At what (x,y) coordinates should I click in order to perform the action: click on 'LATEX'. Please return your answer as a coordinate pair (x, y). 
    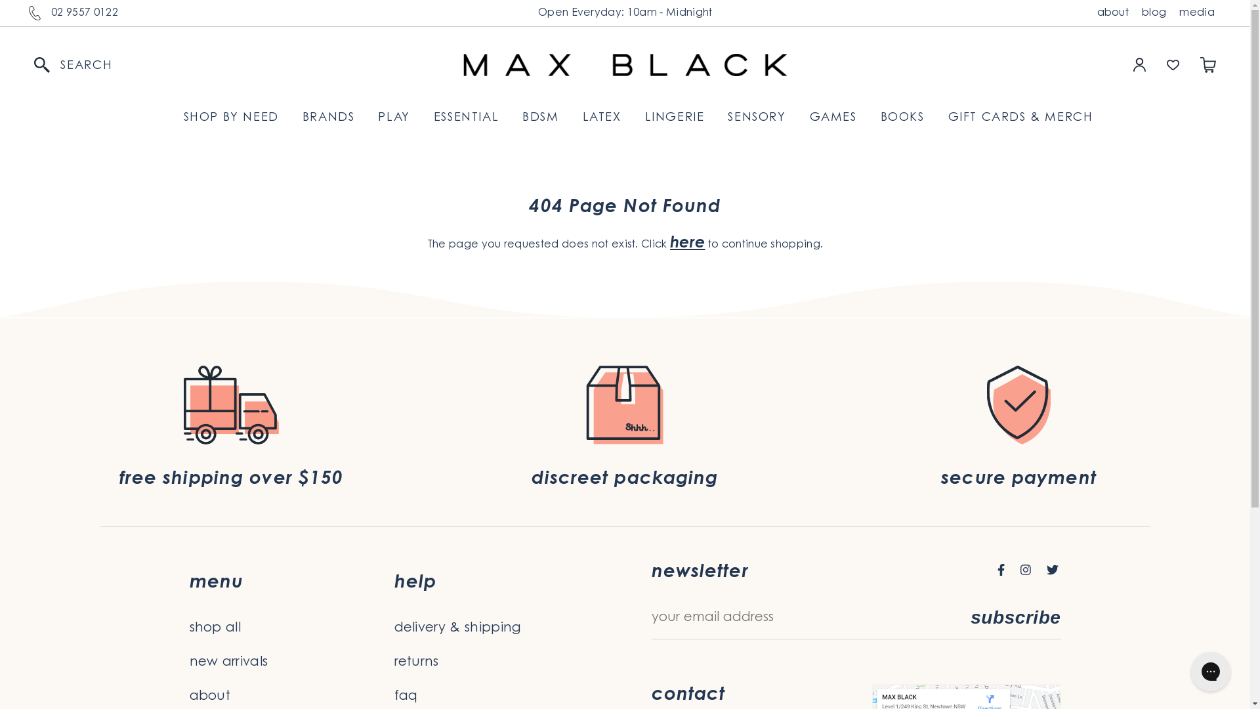
    Looking at the image, I should click on (601, 118).